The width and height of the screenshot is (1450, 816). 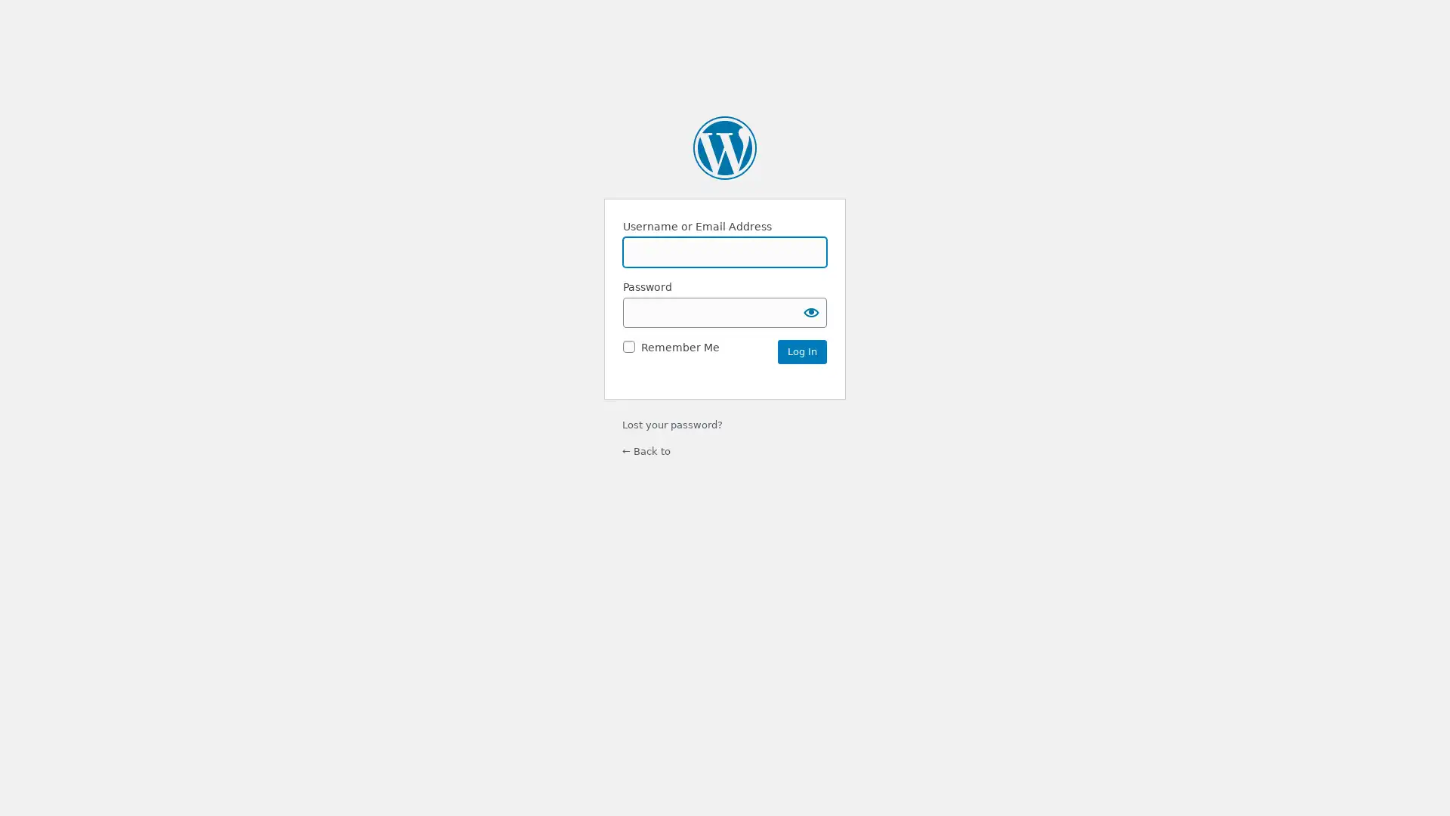 What do you see at coordinates (811, 311) in the screenshot?
I see `Show password` at bounding box center [811, 311].